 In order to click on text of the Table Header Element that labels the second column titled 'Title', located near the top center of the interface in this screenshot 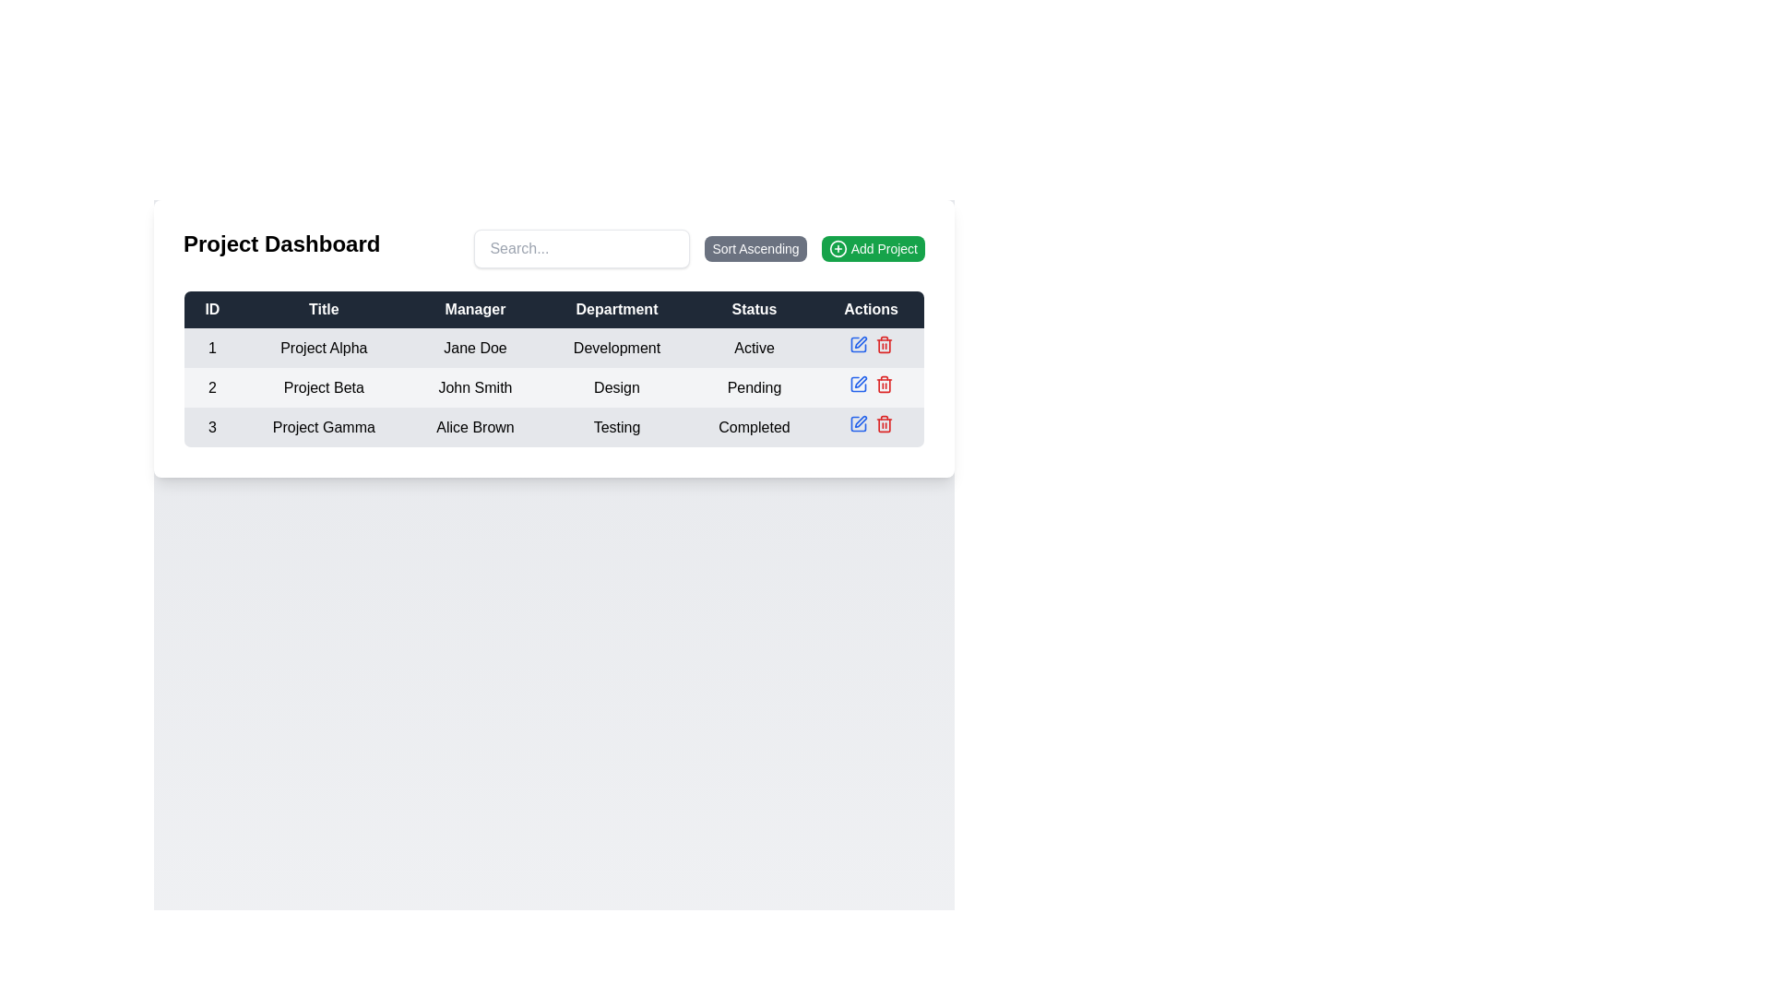, I will do `click(324, 308)`.